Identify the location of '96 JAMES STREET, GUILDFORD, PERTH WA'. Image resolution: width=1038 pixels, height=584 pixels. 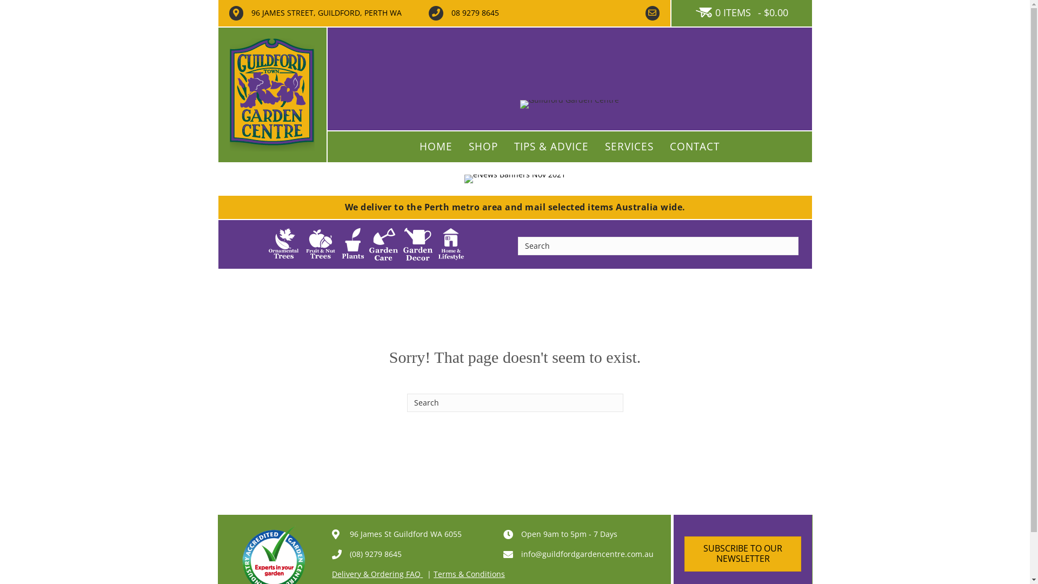
(326, 12).